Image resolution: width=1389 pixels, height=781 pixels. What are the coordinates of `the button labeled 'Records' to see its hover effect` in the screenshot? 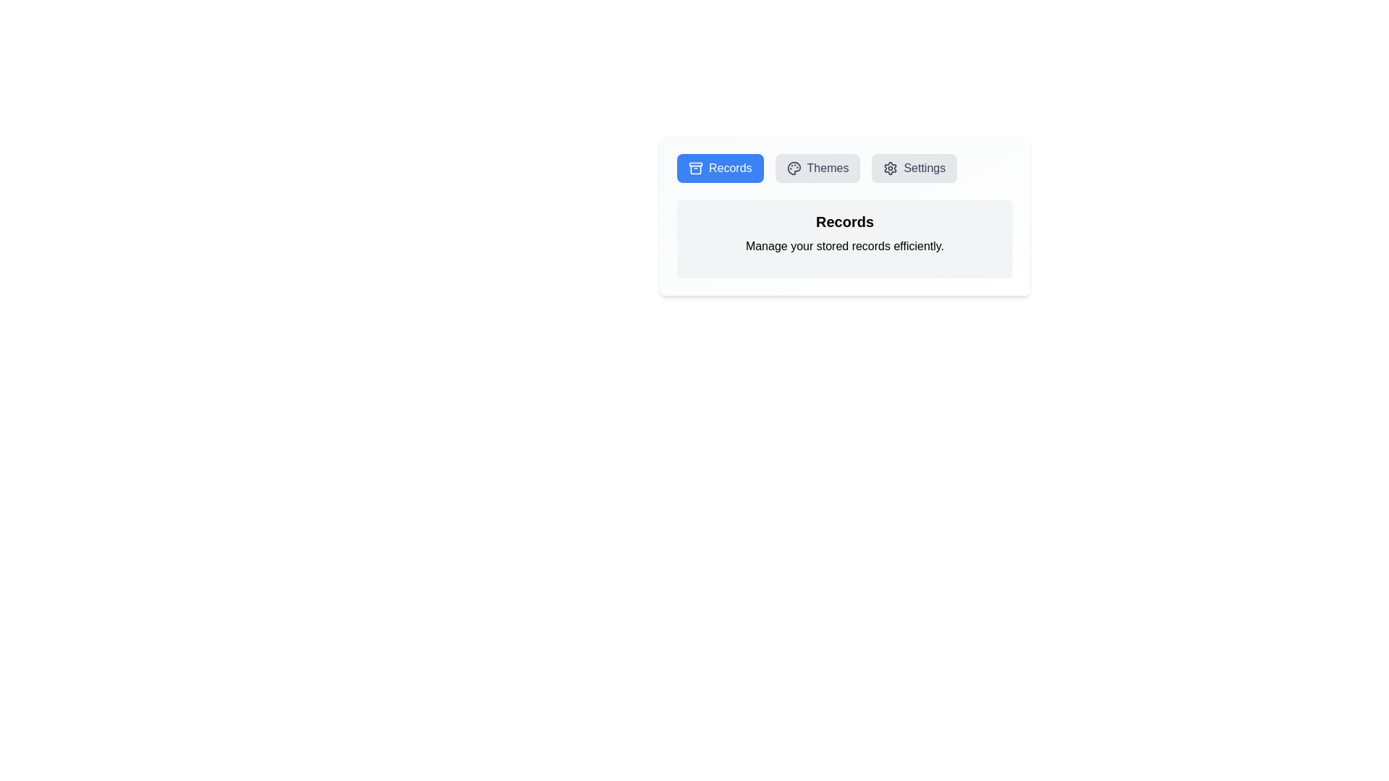 It's located at (720, 167).